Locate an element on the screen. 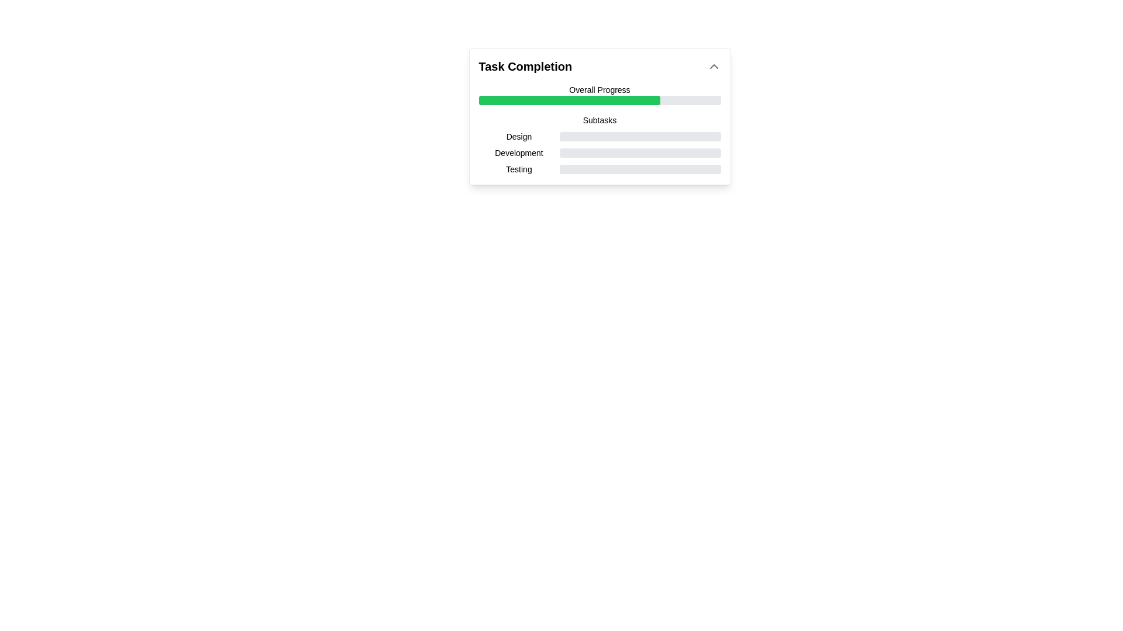 This screenshot has width=1123, height=631. the active progress bar segment representing 84% completion within the 'Task Completion' UI card under the 'Subtasks' section is located at coordinates (626, 169).